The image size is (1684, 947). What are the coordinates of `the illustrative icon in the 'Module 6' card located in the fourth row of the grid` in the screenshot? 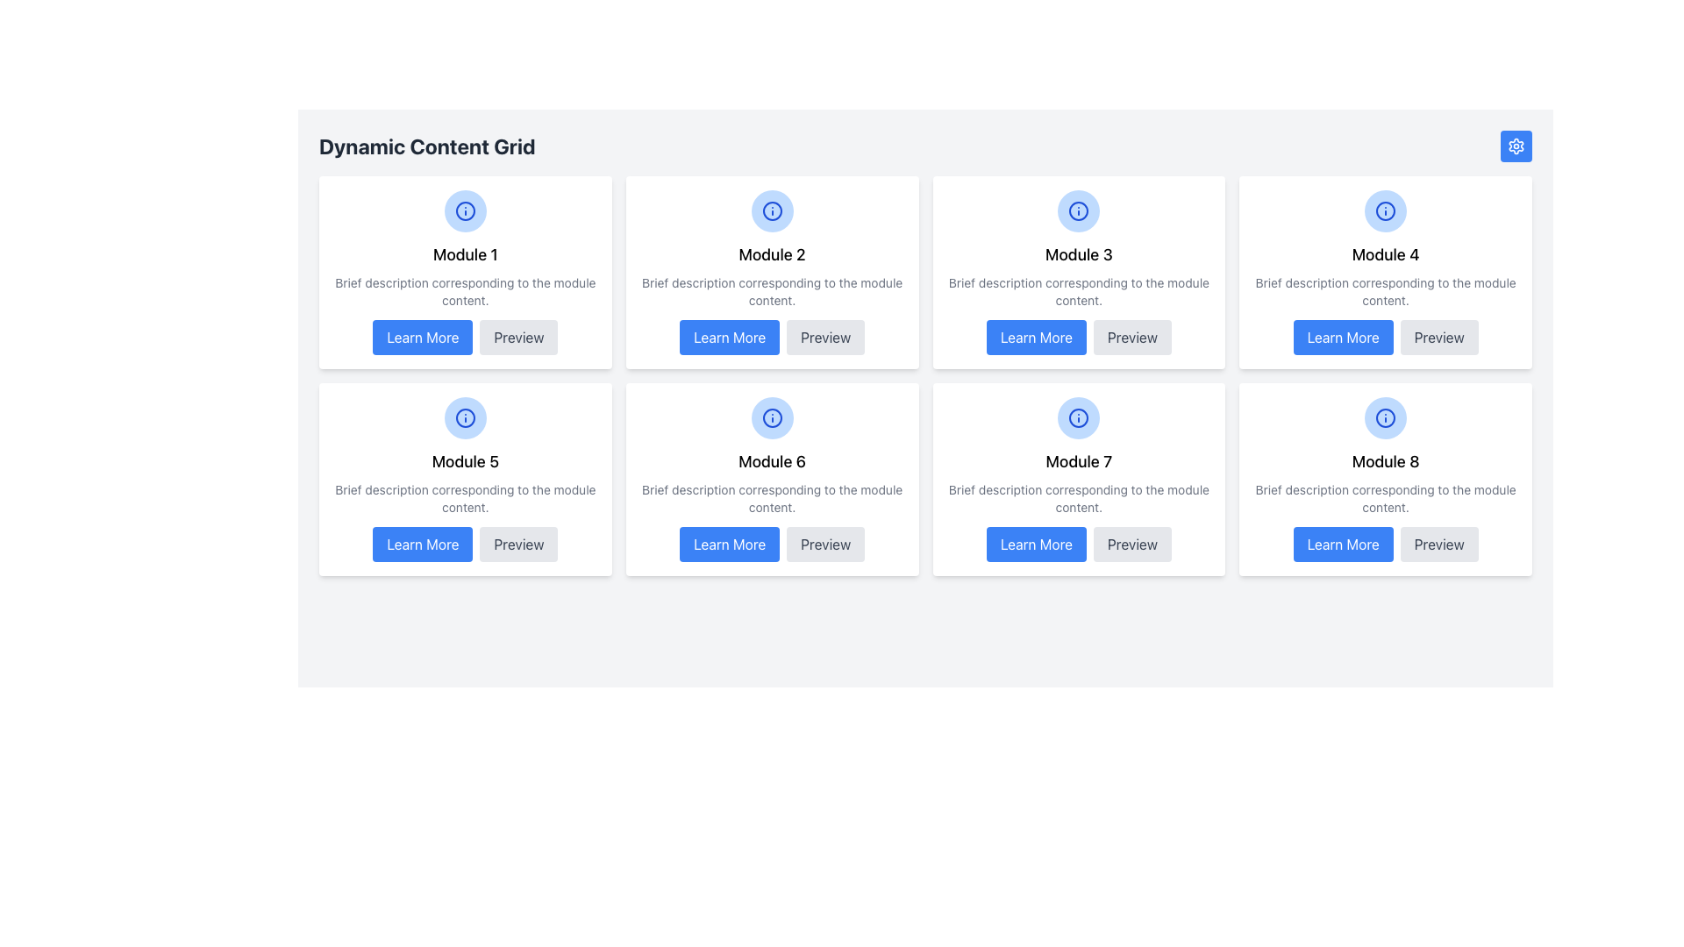 It's located at (772, 418).